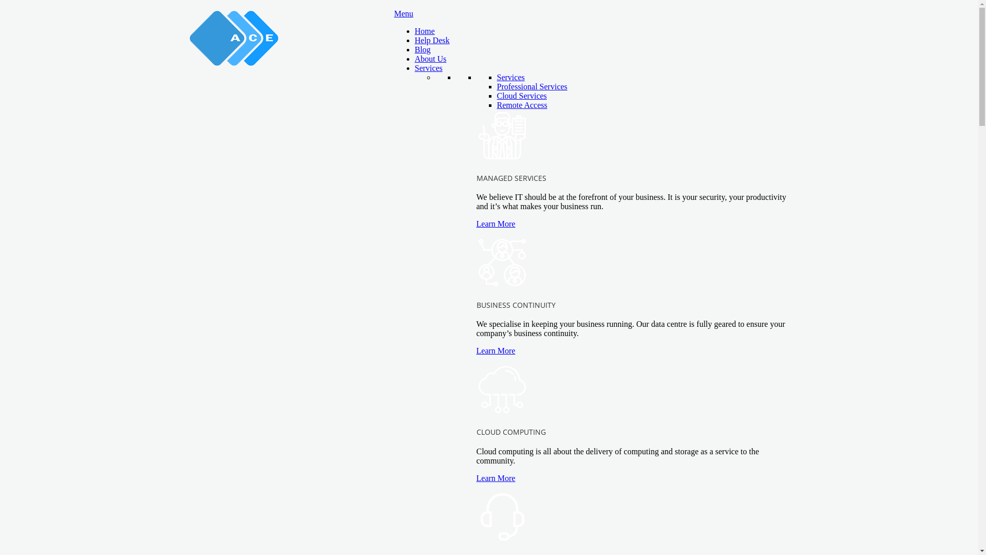 The image size is (986, 555). Describe the element at coordinates (414, 30) in the screenshot. I see `'Home'` at that location.